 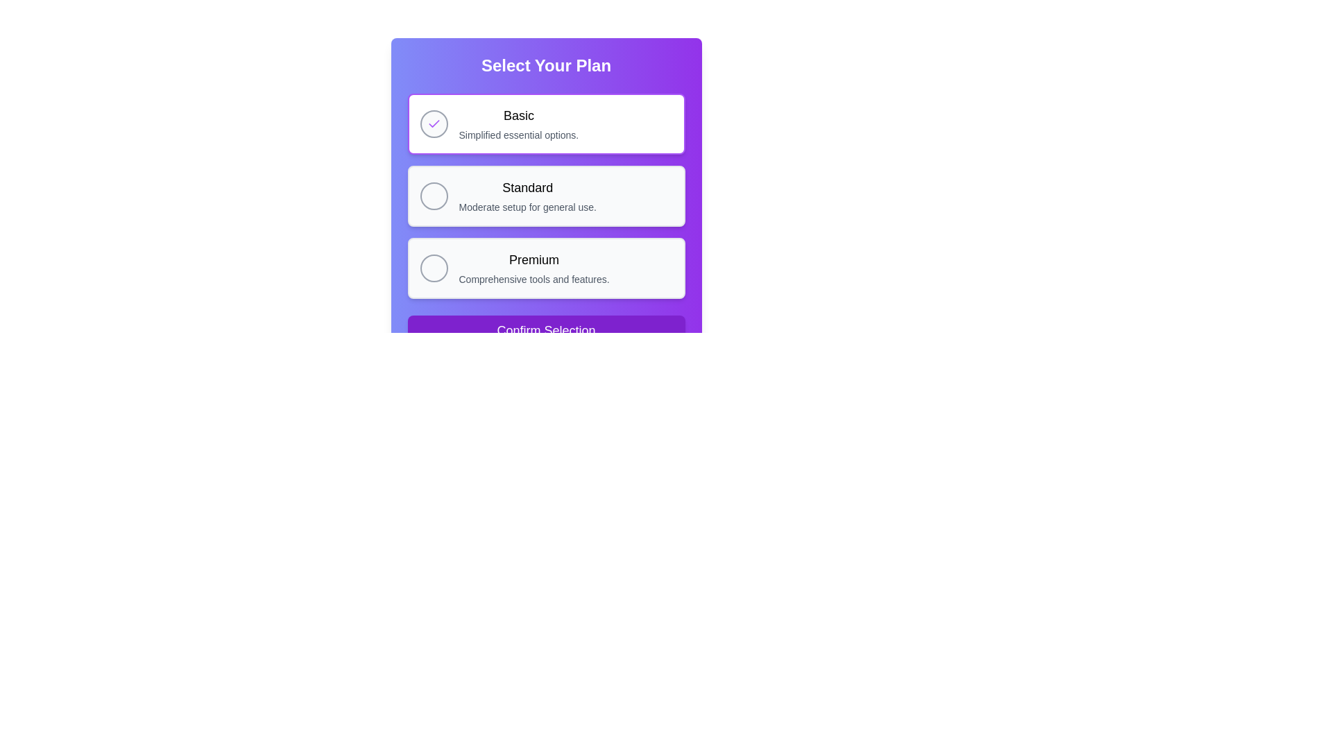 I want to click on the Text Display element that describes the 'Basic' plan option, located to the right of the checkmark icon in the selection menu, so click(x=518, y=123).